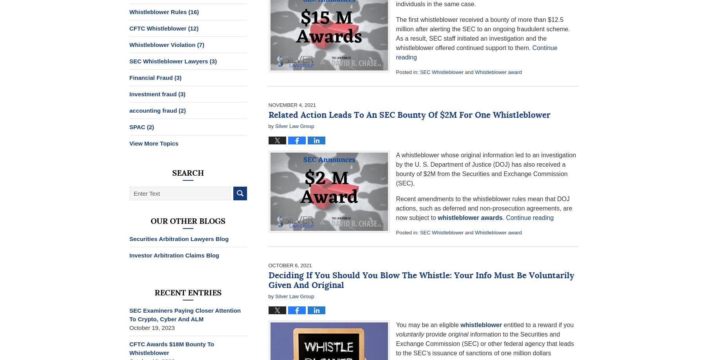 The width and height of the screenshot is (709, 360). What do you see at coordinates (137, 127) in the screenshot?
I see `'SPAC'` at bounding box center [137, 127].